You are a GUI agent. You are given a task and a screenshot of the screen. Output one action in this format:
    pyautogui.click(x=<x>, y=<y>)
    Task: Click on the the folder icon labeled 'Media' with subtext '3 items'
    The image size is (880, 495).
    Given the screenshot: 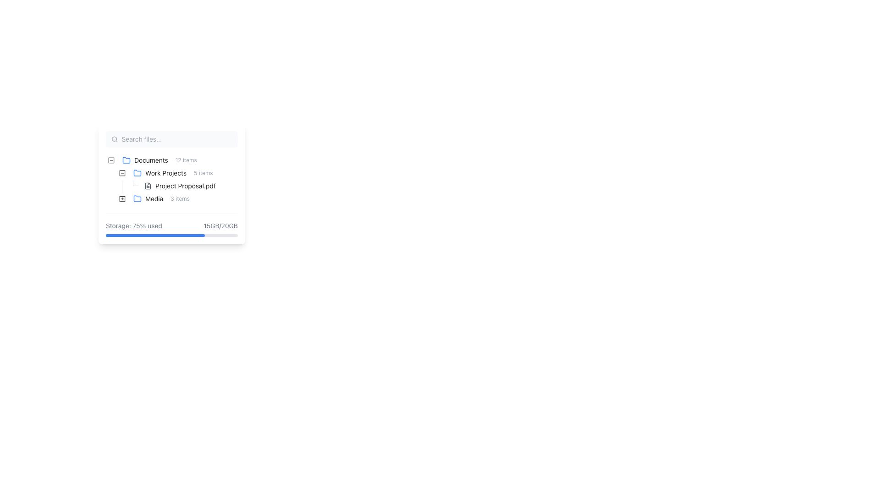 What is the action you would take?
    pyautogui.click(x=149, y=198)
    